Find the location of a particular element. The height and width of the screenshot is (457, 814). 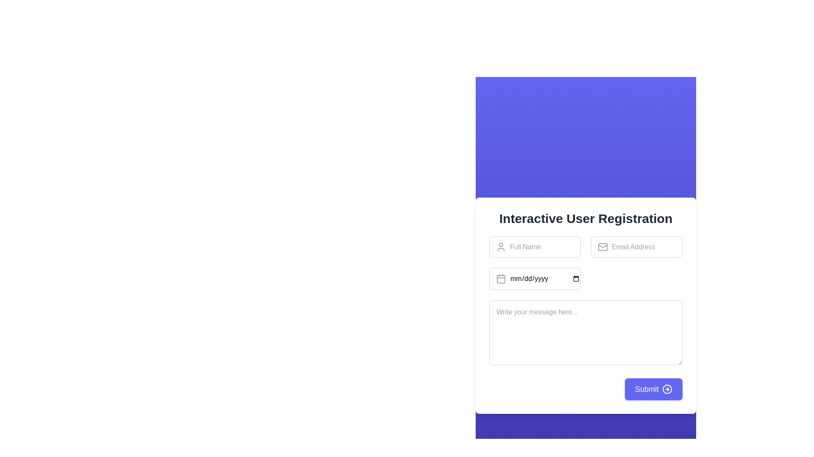

the internal rectangular graphical shape with rounded corners inside the mail icon component, located to the left of the 'Email Address' input field is located at coordinates (602, 247).